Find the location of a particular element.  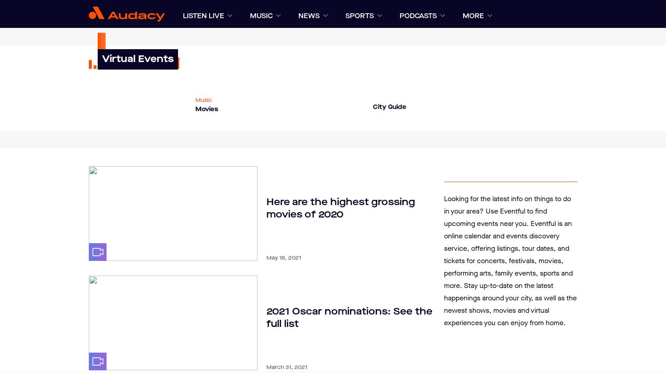

'City Guide' is located at coordinates (389, 107).